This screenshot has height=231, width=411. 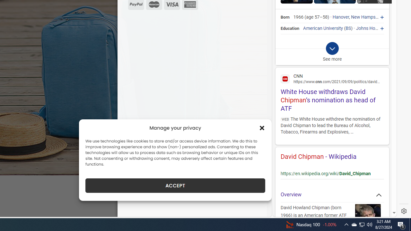 What do you see at coordinates (381, 28) in the screenshot?
I see `'Johns Hopkins University'` at bounding box center [381, 28].